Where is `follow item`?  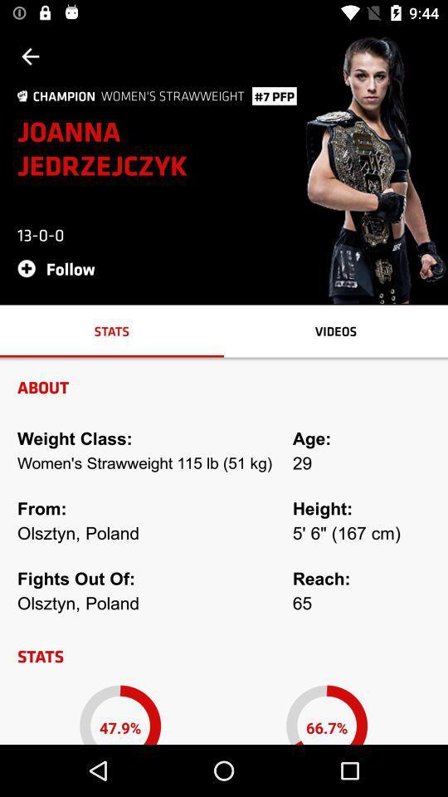
follow item is located at coordinates (61, 268).